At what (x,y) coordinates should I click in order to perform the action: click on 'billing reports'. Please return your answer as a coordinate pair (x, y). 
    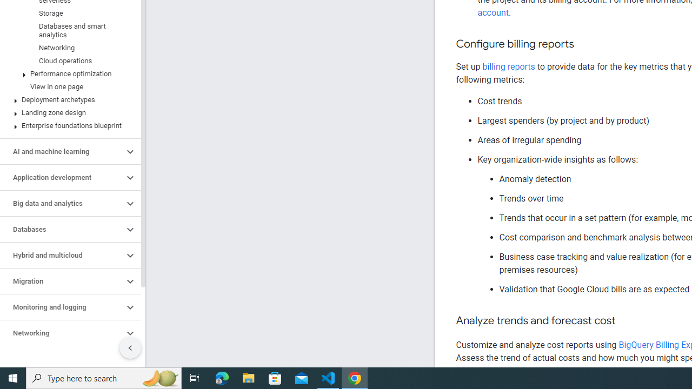
    Looking at the image, I should click on (508, 66).